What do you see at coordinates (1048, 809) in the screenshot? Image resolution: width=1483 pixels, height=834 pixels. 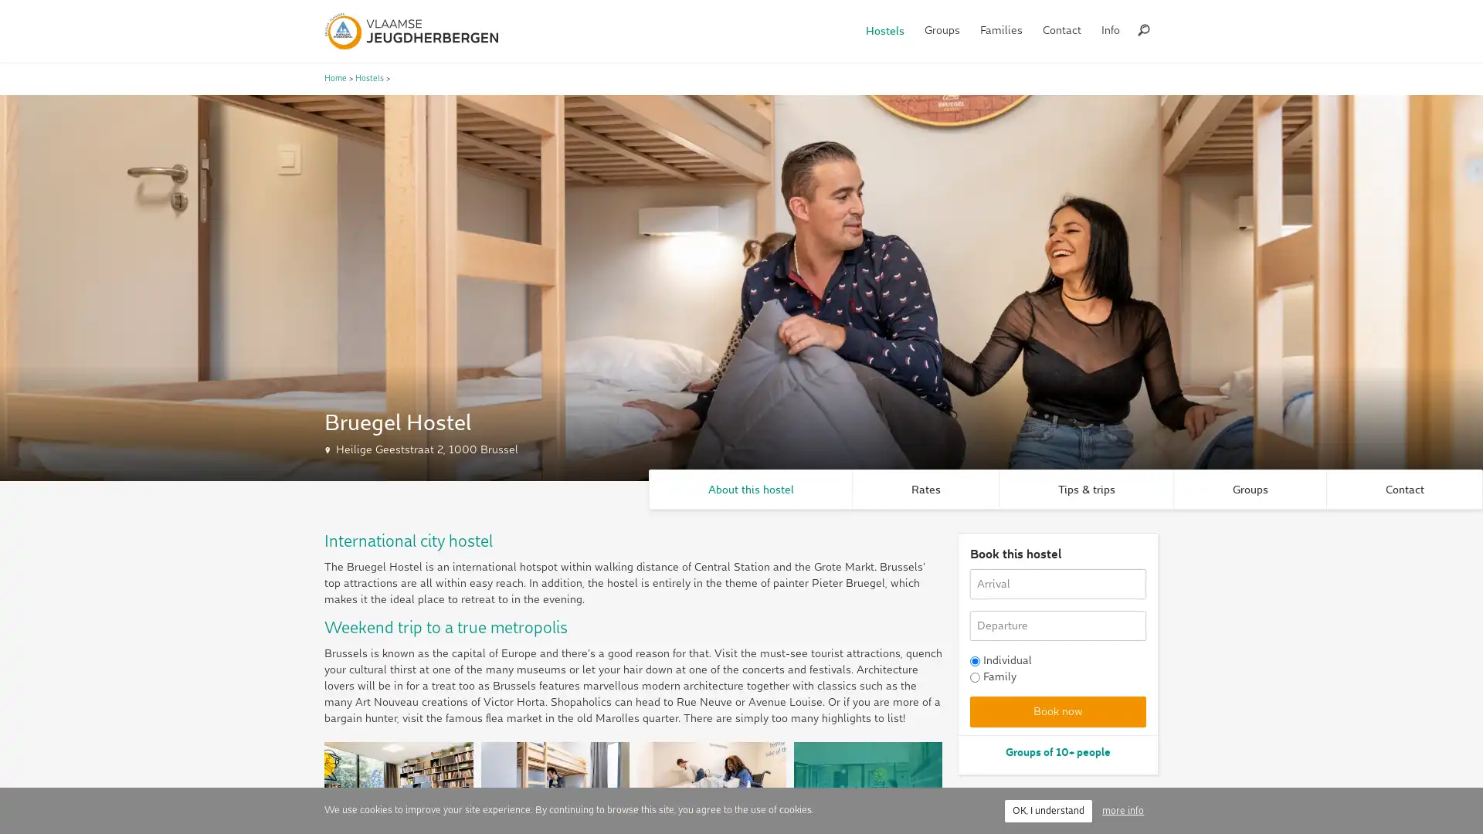 I see `OK, I understand` at bounding box center [1048, 809].